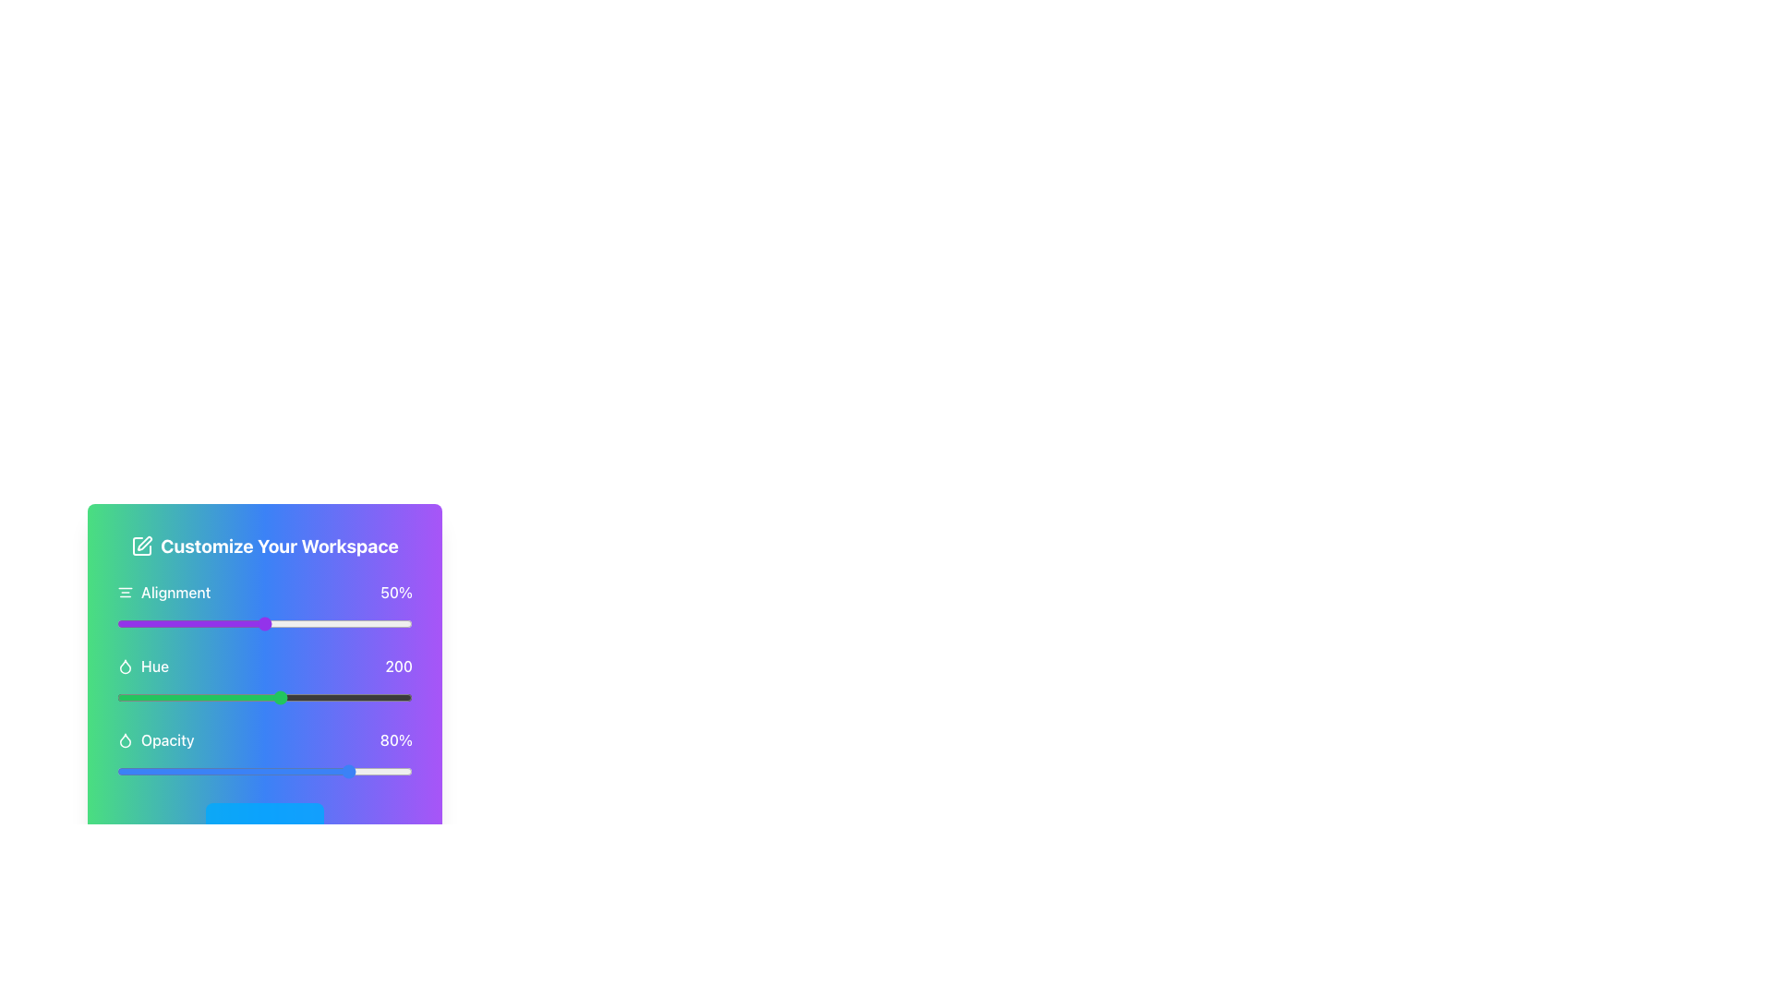  Describe the element at coordinates (202, 698) in the screenshot. I see `hue` at that location.